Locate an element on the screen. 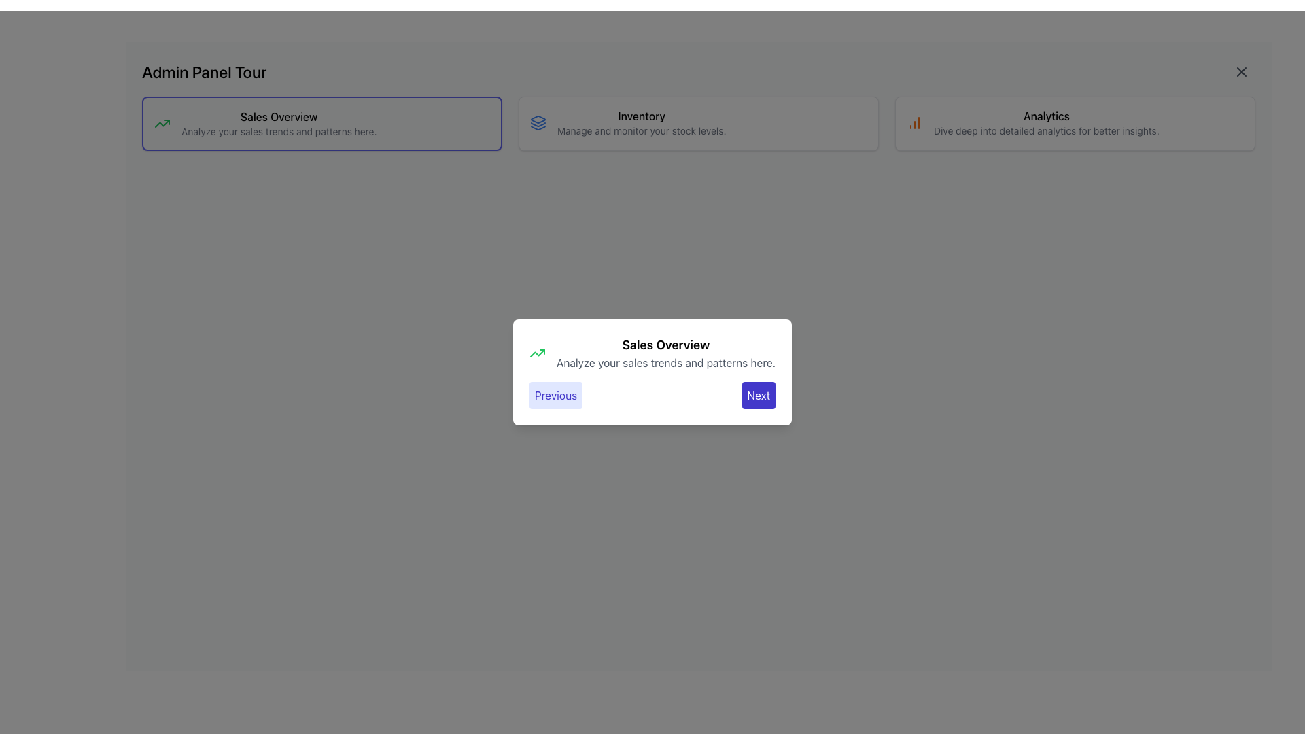 The image size is (1305, 734). the text label that reads 'Analyze your sales trends and patterns here.', which is styled in gray and located below the 'Sales Overview' heading is located at coordinates (278, 131).